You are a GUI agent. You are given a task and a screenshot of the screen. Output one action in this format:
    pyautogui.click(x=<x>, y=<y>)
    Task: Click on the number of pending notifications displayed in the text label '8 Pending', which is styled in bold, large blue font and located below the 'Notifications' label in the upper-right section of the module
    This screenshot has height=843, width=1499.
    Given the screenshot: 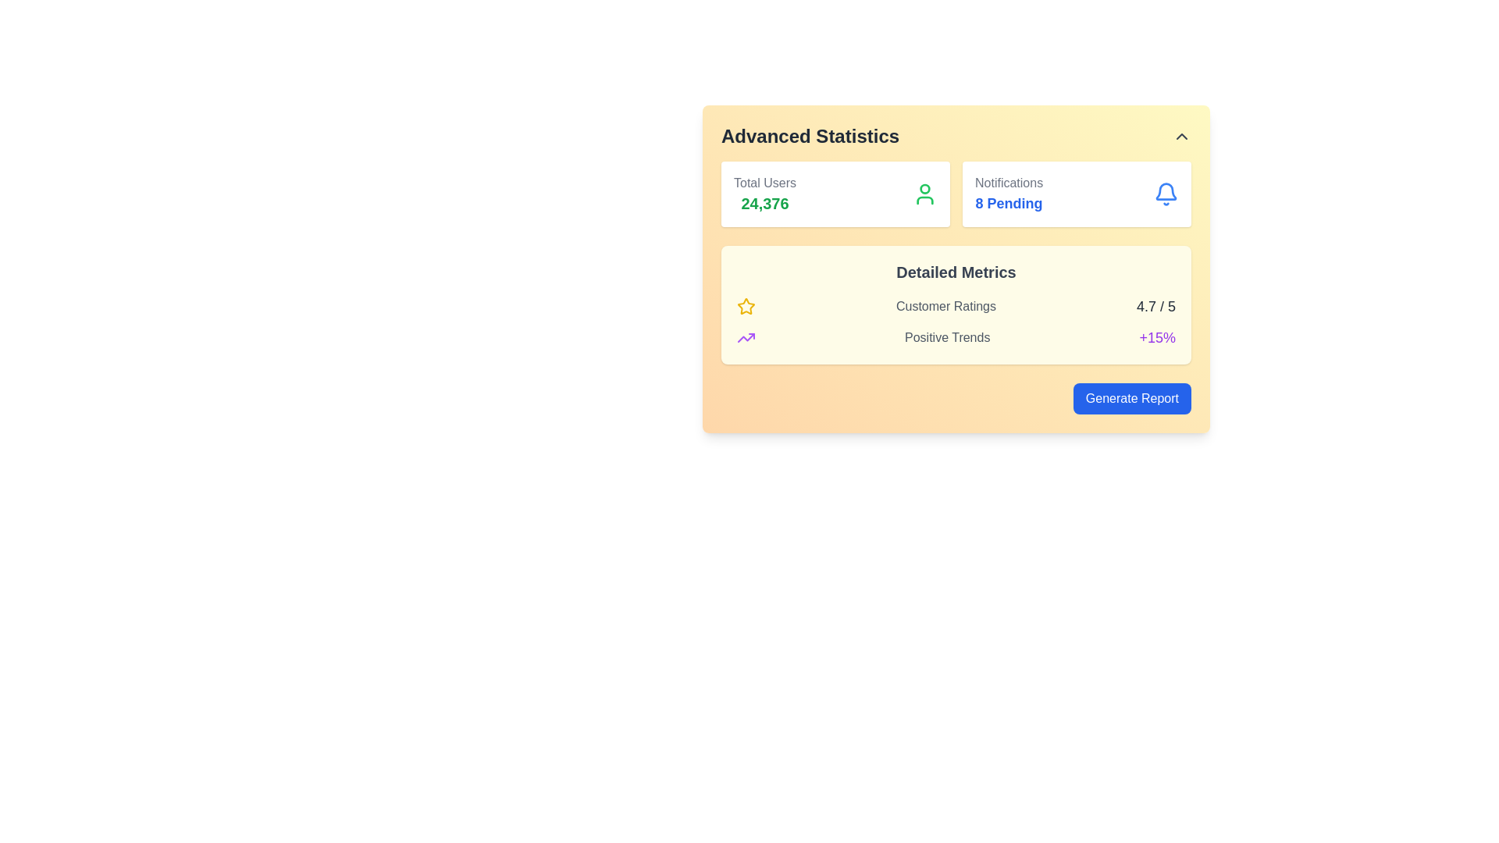 What is the action you would take?
    pyautogui.click(x=1009, y=203)
    